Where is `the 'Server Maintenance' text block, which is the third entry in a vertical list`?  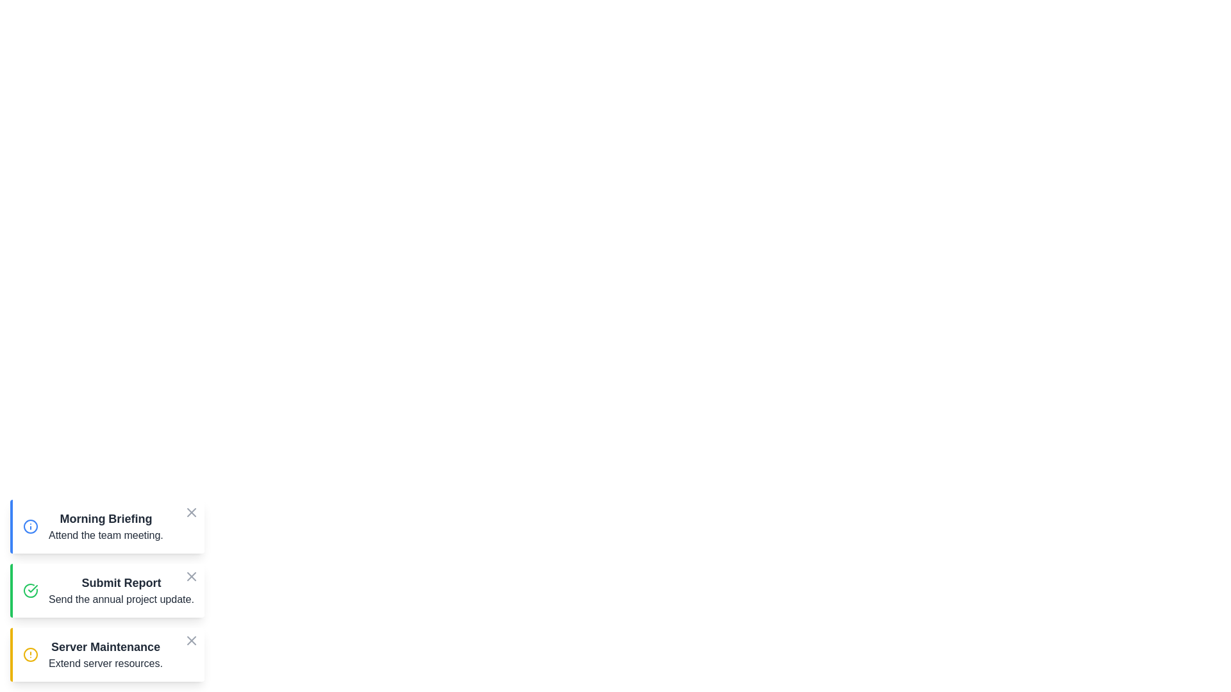 the 'Server Maintenance' text block, which is the third entry in a vertical list is located at coordinates (105, 655).